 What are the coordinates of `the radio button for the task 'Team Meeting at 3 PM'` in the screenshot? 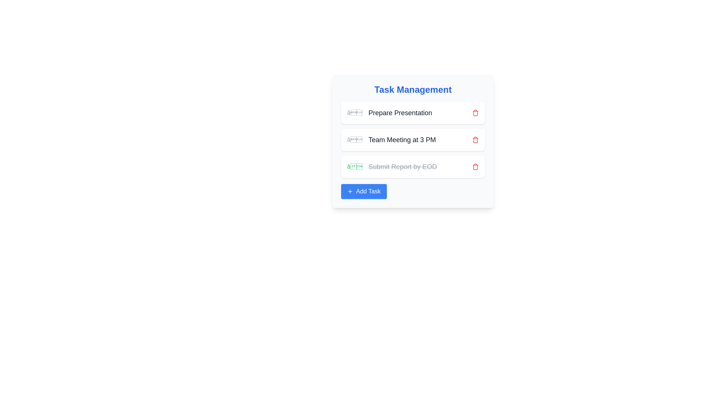 It's located at (354, 113).